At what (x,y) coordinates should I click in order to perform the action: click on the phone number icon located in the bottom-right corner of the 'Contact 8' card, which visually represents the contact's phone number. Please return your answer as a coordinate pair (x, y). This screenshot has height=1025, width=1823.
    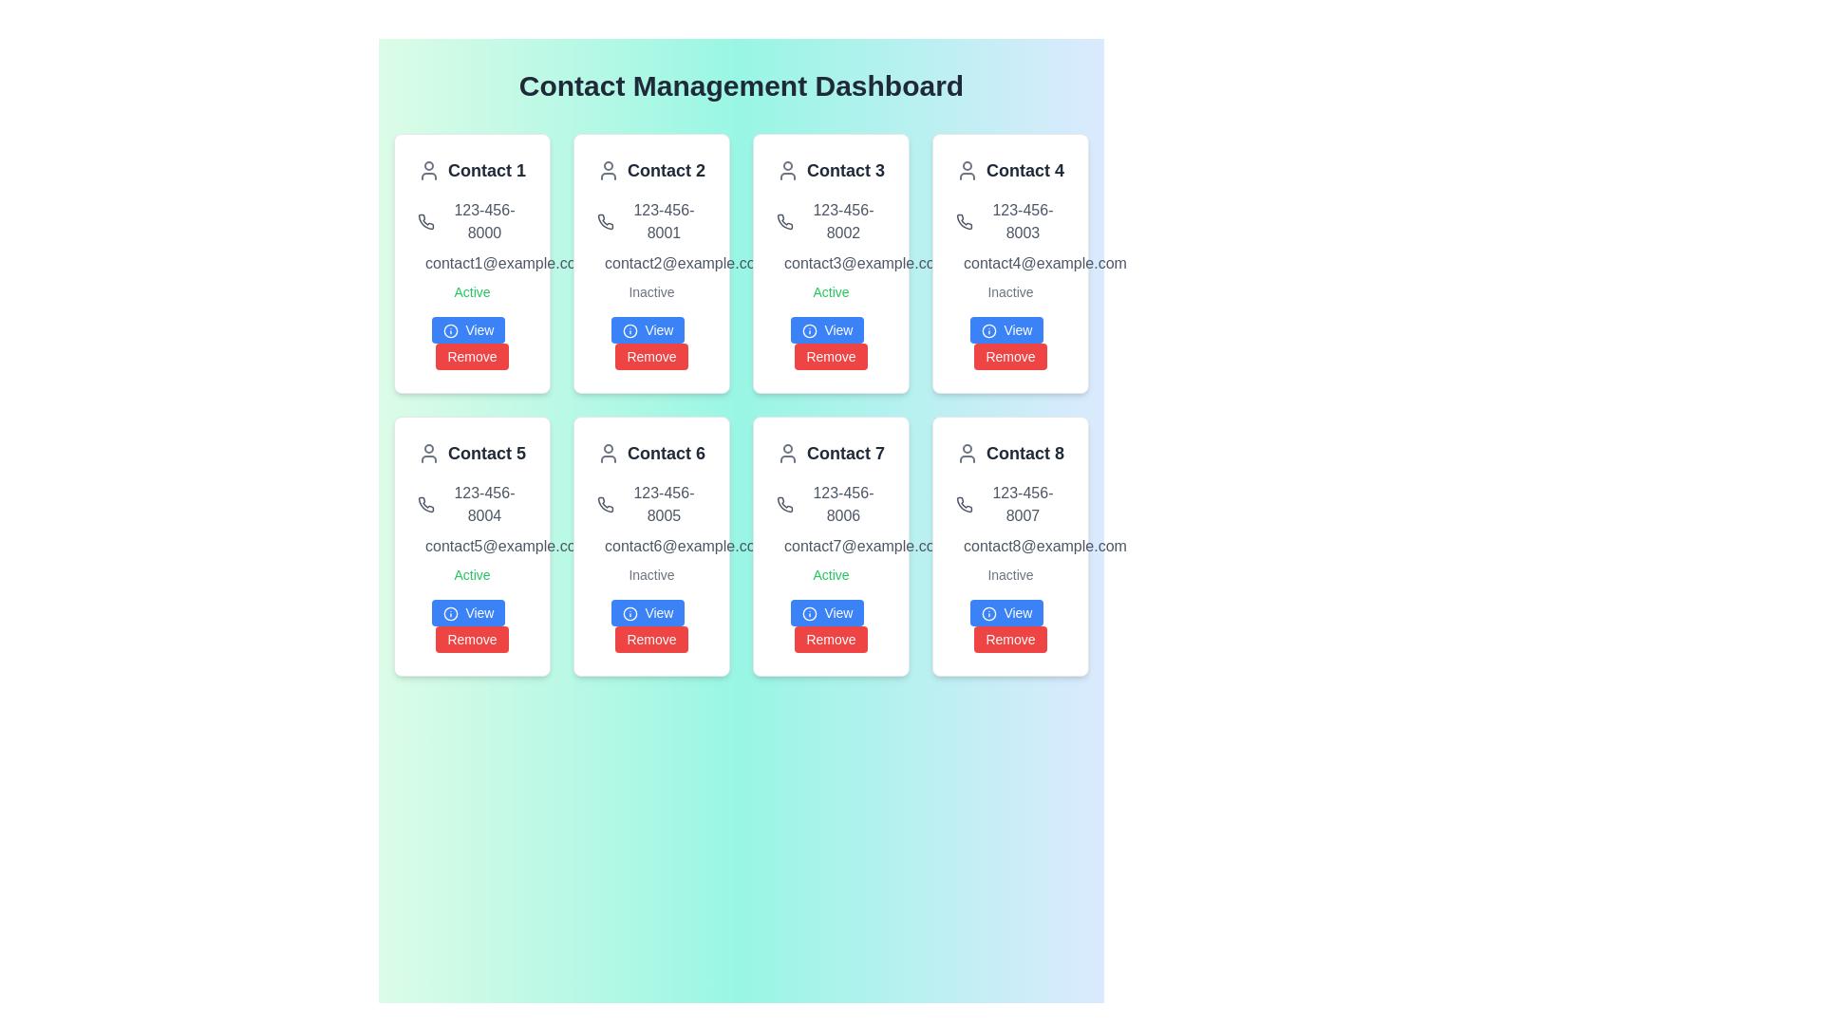
    Looking at the image, I should click on (965, 504).